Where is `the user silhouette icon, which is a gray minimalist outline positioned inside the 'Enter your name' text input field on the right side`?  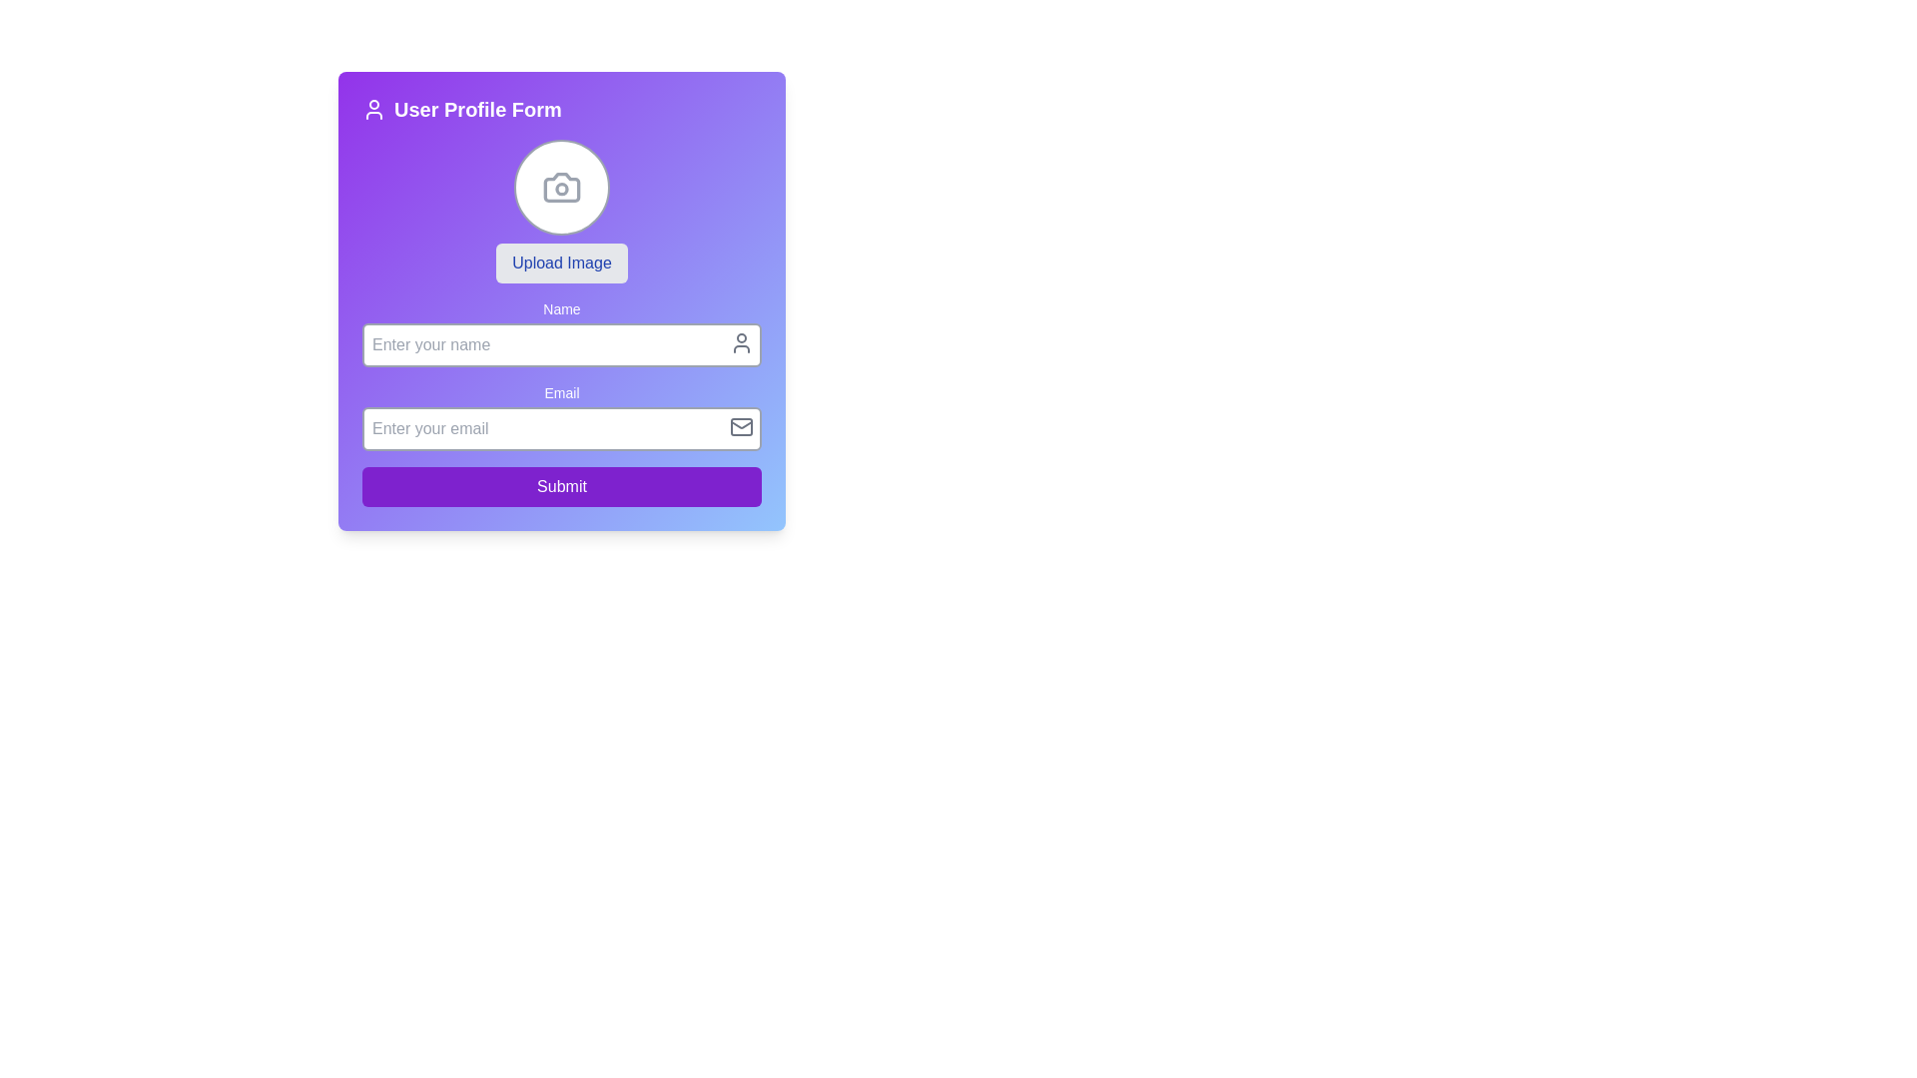
the user silhouette icon, which is a gray minimalist outline positioned inside the 'Enter your name' text input field on the right side is located at coordinates (741, 341).